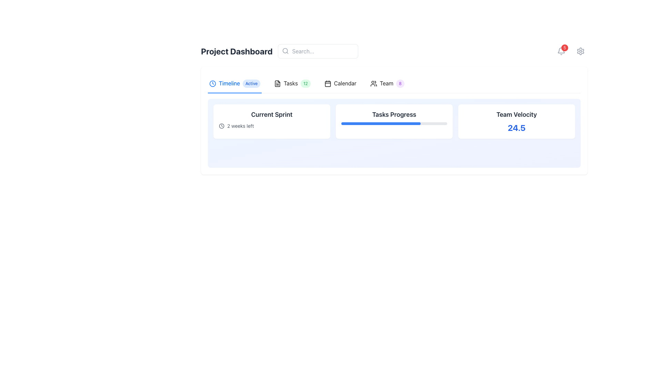 This screenshot has width=662, height=372. Describe the element at coordinates (381, 123) in the screenshot. I see `the progress bar component located in the 'Tasks Progress' card, which visually represents task completion` at that location.